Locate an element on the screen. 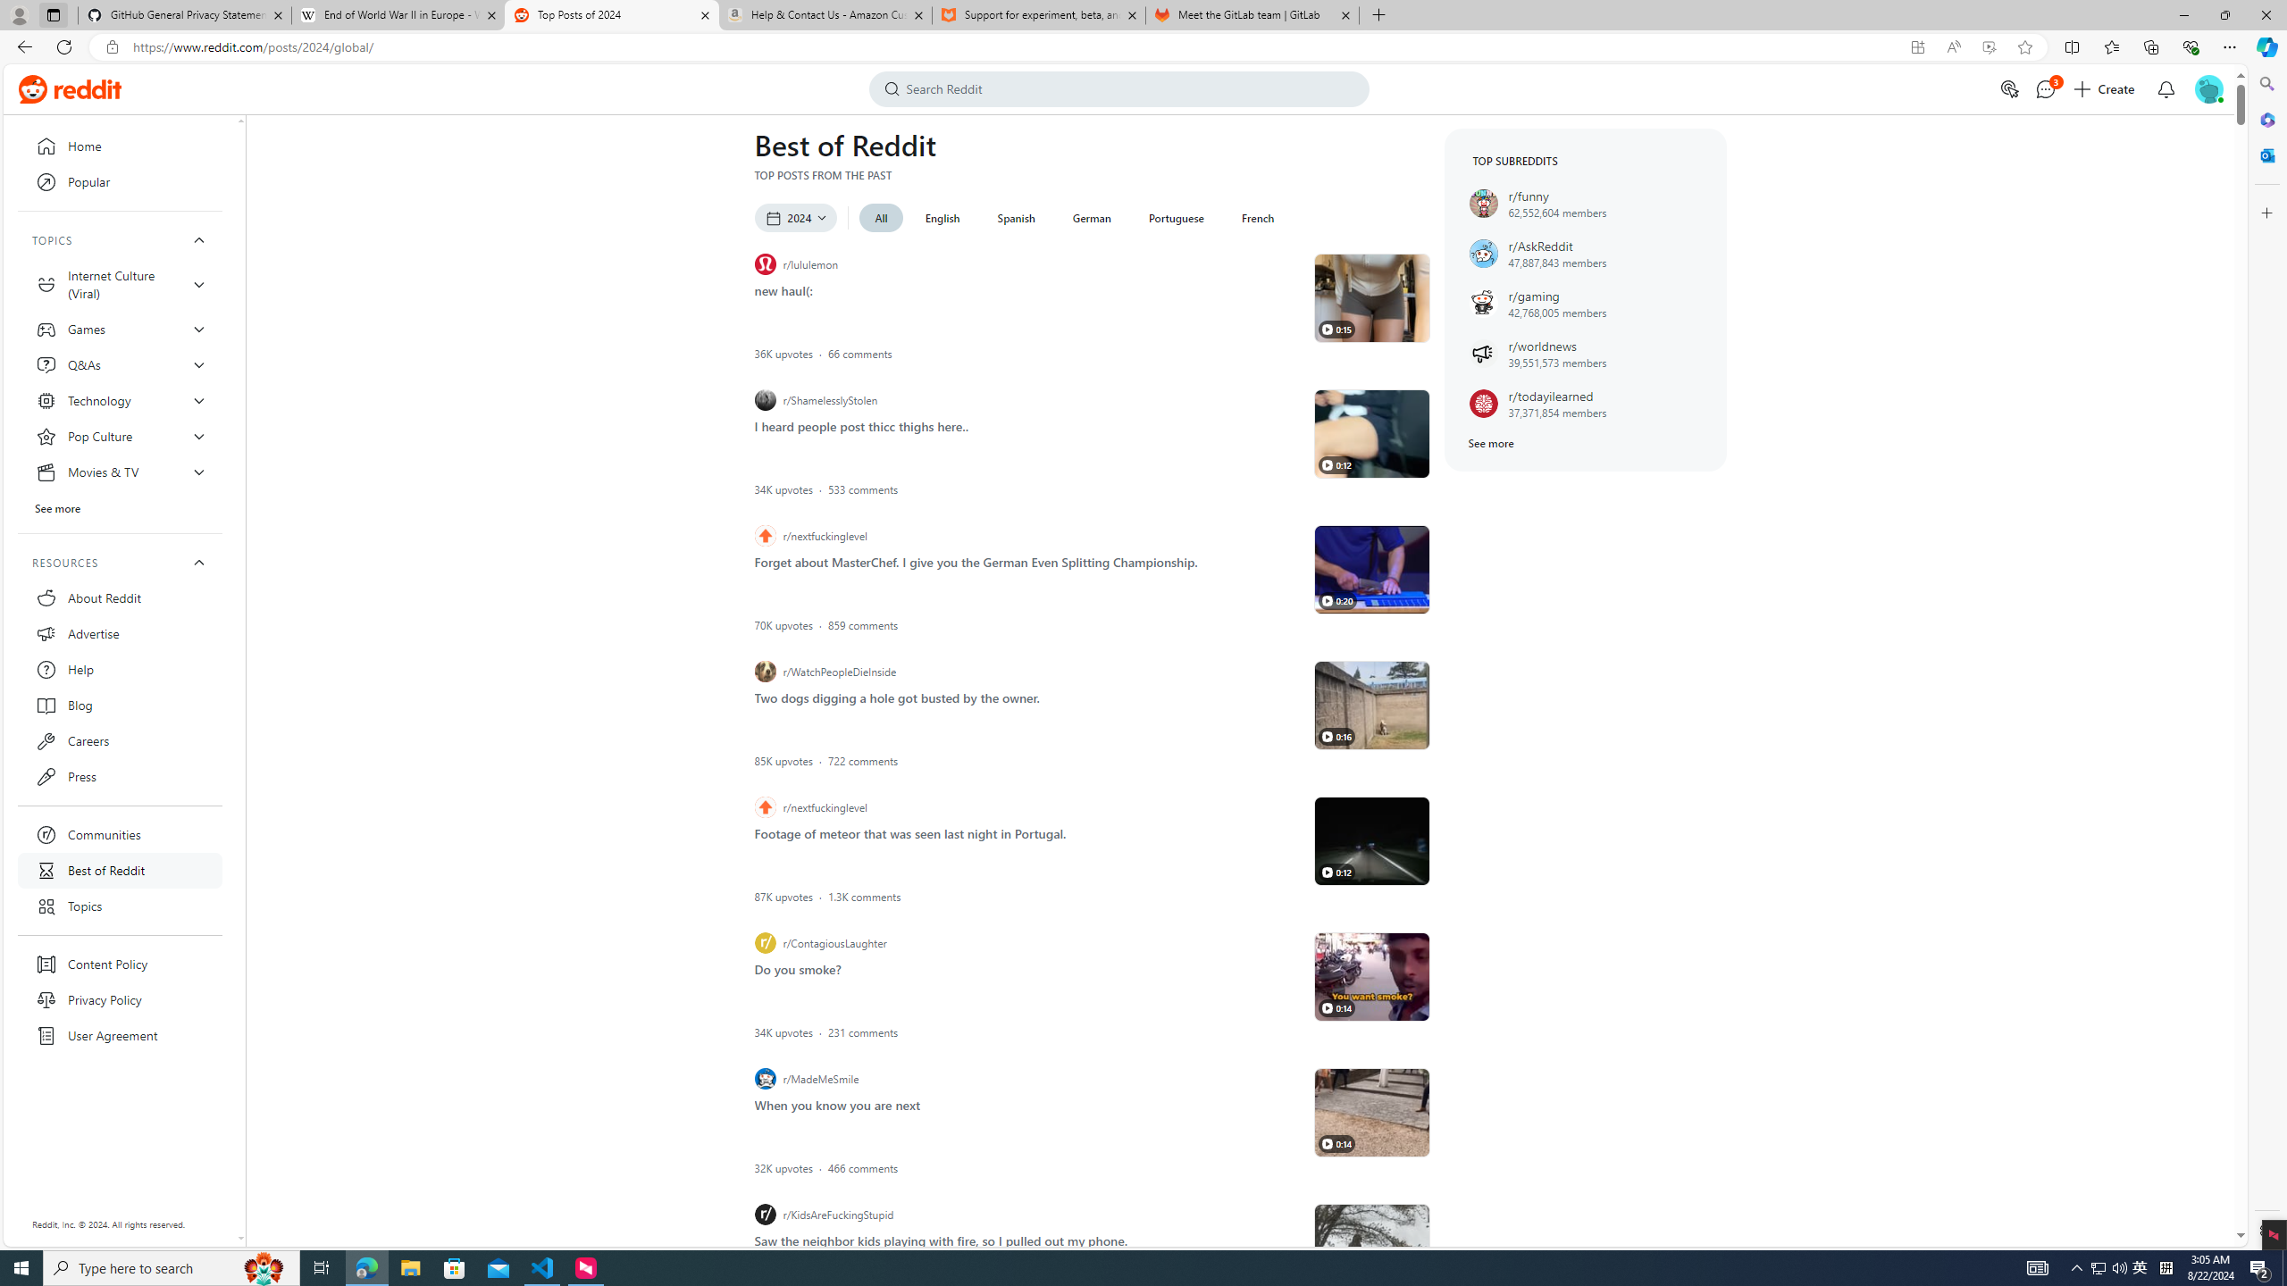 This screenshot has height=1286, width=2287. 'r/gaming icon' is located at coordinates (1482, 302).